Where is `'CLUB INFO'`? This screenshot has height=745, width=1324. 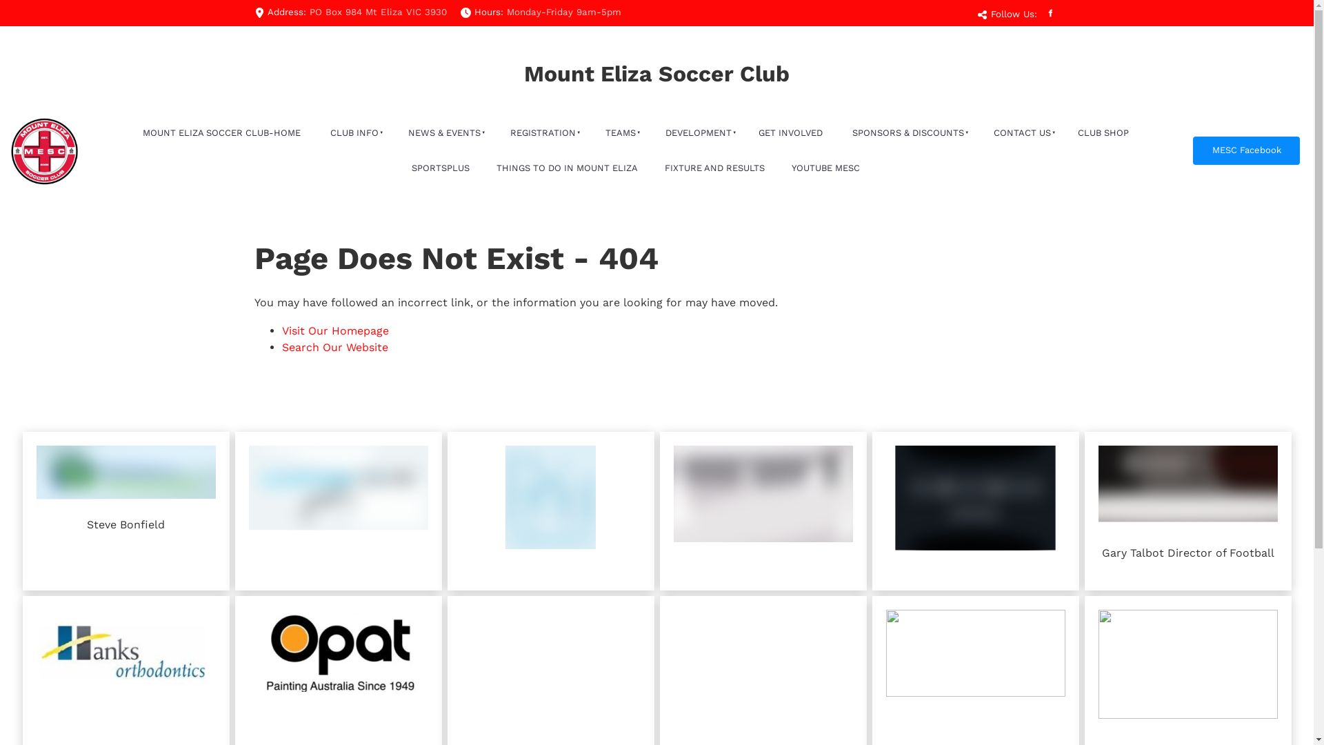
'CLUB INFO' is located at coordinates (352, 133).